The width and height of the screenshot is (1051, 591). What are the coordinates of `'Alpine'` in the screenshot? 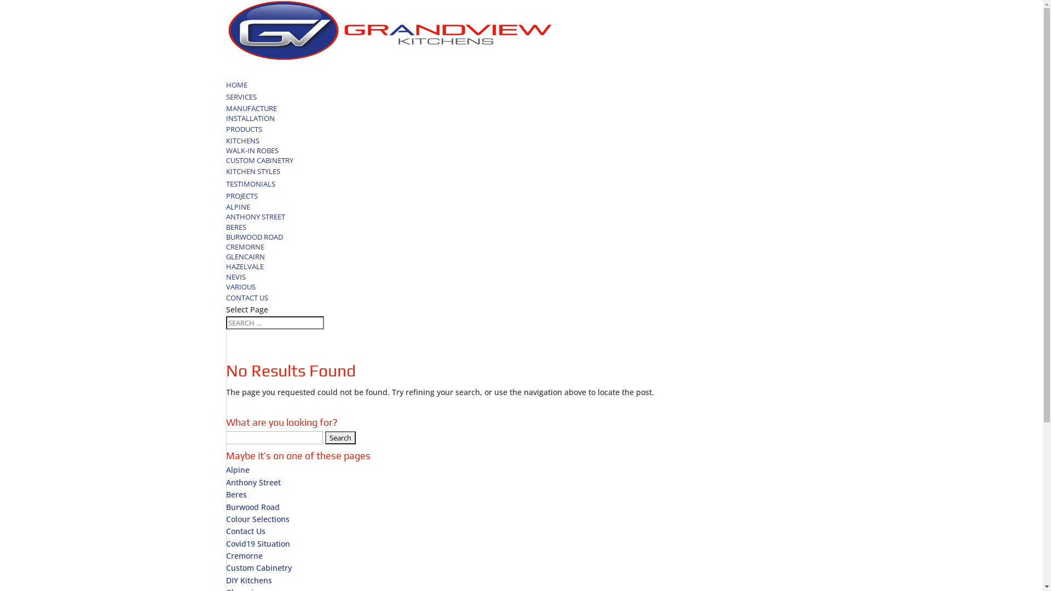 It's located at (225, 469).